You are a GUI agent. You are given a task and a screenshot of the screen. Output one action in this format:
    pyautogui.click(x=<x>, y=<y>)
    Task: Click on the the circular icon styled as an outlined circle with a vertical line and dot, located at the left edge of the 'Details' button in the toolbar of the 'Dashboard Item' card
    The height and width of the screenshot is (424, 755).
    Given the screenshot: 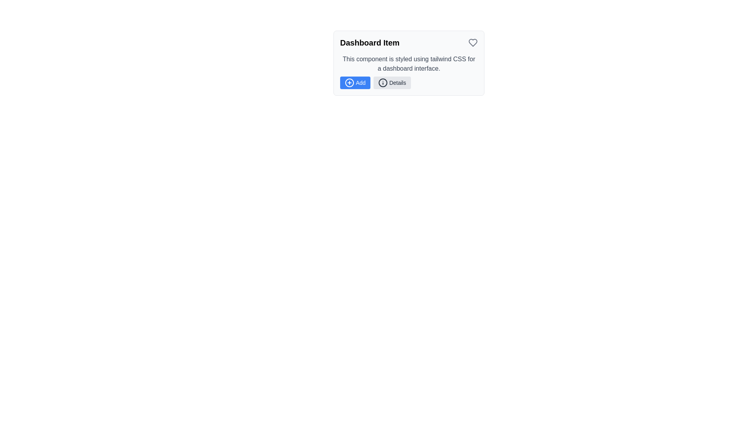 What is the action you would take?
    pyautogui.click(x=383, y=83)
    